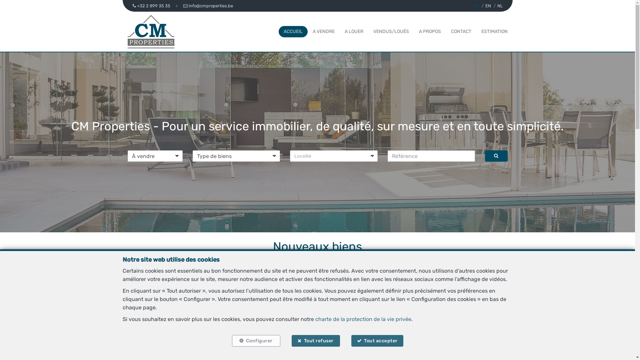  Describe the element at coordinates (256, 341) in the screenshot. I see `'Configurer'` at that location.